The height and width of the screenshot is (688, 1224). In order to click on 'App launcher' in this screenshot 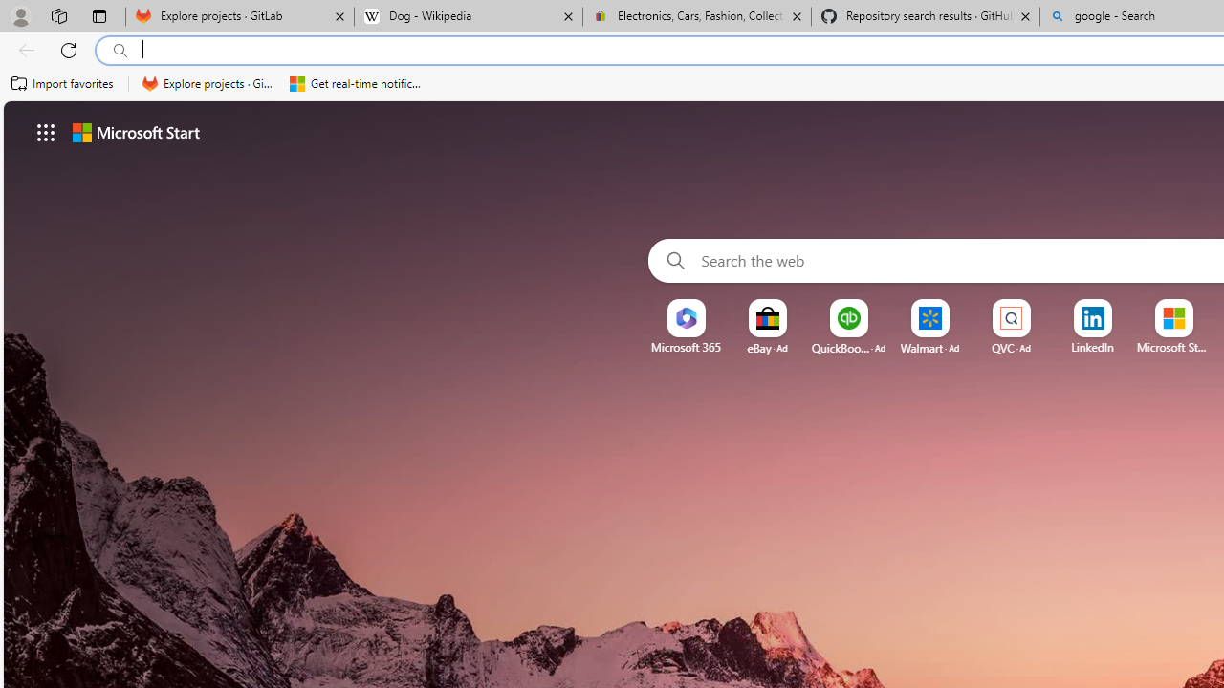, I will do `click(46, 131)`.